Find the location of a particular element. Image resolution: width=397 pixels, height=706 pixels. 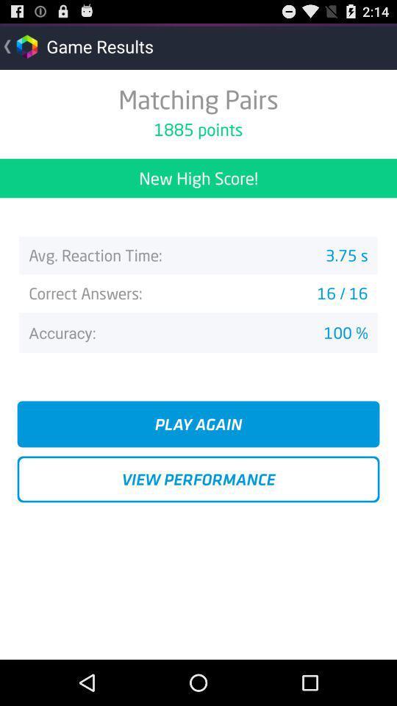

the view performance item is located at coordinates (198, 478).